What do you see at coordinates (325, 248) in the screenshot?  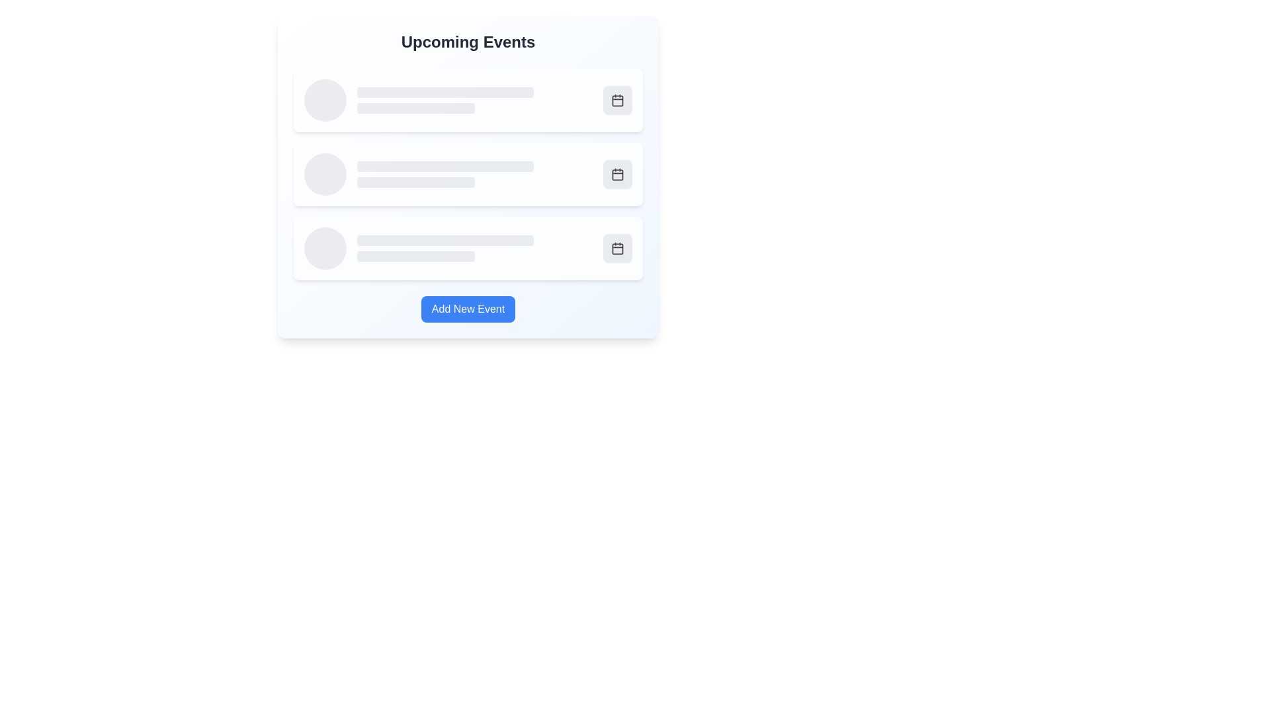 I see `the circular placeholder element with a light gray background located in the first sub-item of the third row in a vertical list layout` at bounding box center [325, 248].